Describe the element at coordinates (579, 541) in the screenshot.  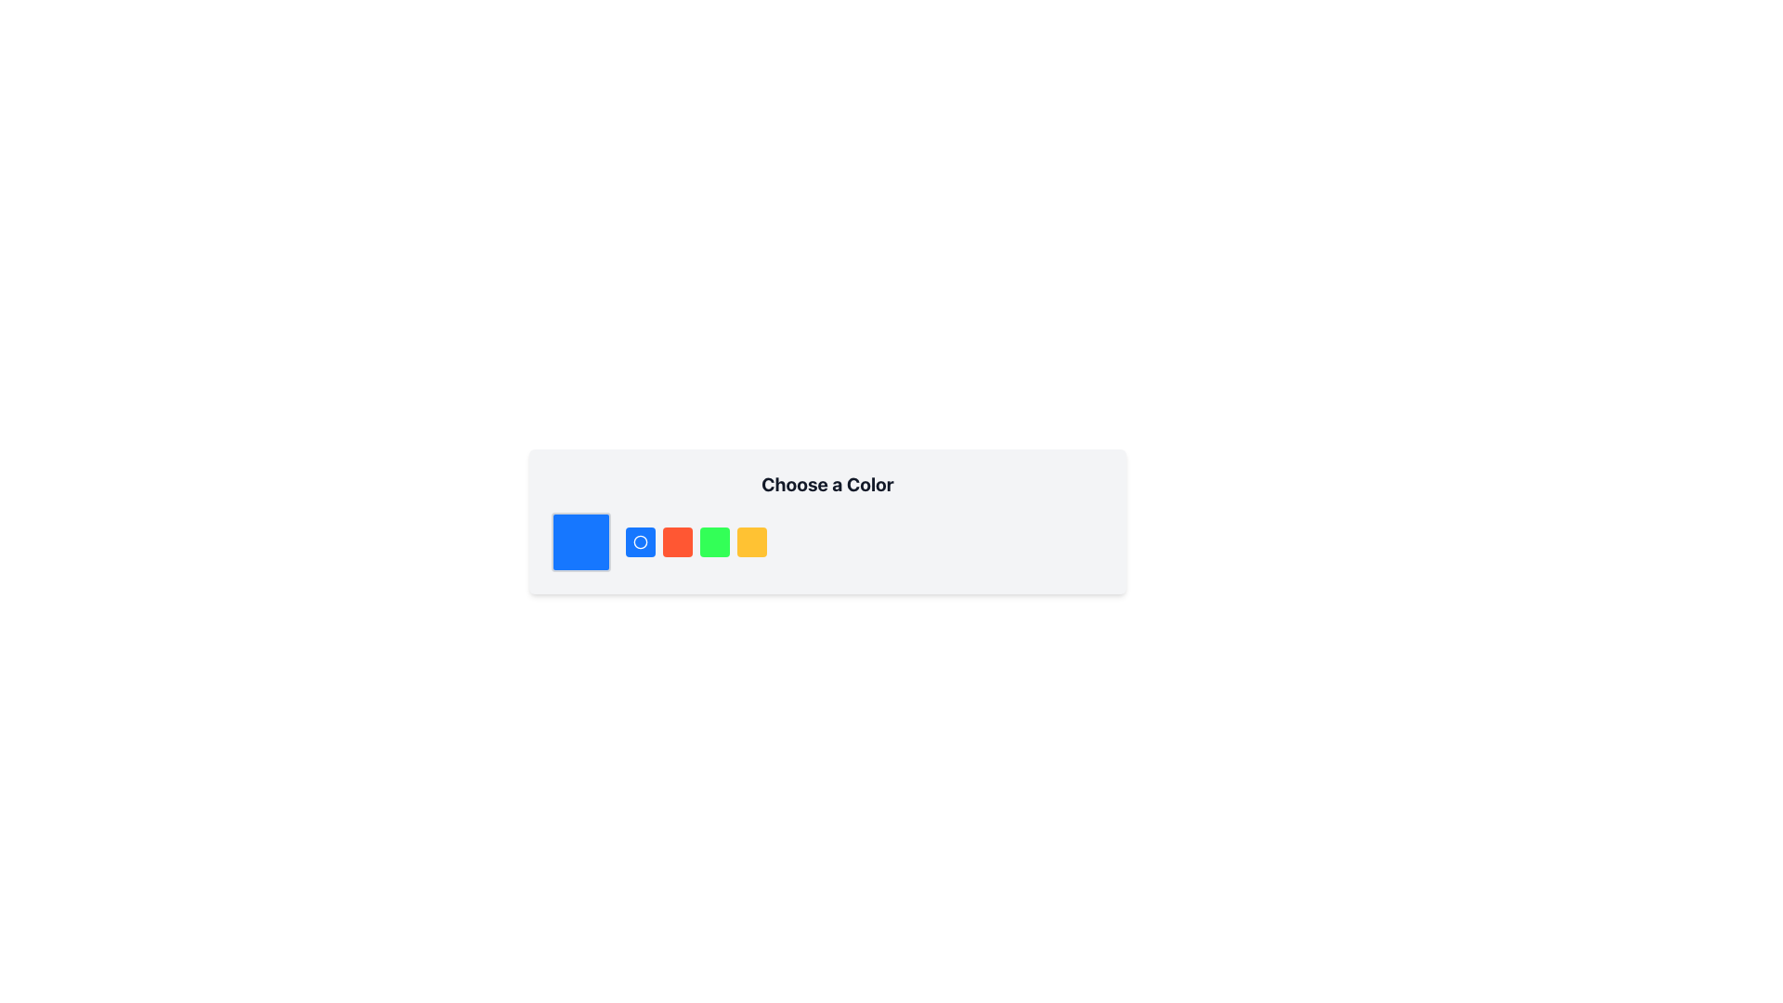
I see `the stylized interactive box located at the first position among its sibling elements` at that location.